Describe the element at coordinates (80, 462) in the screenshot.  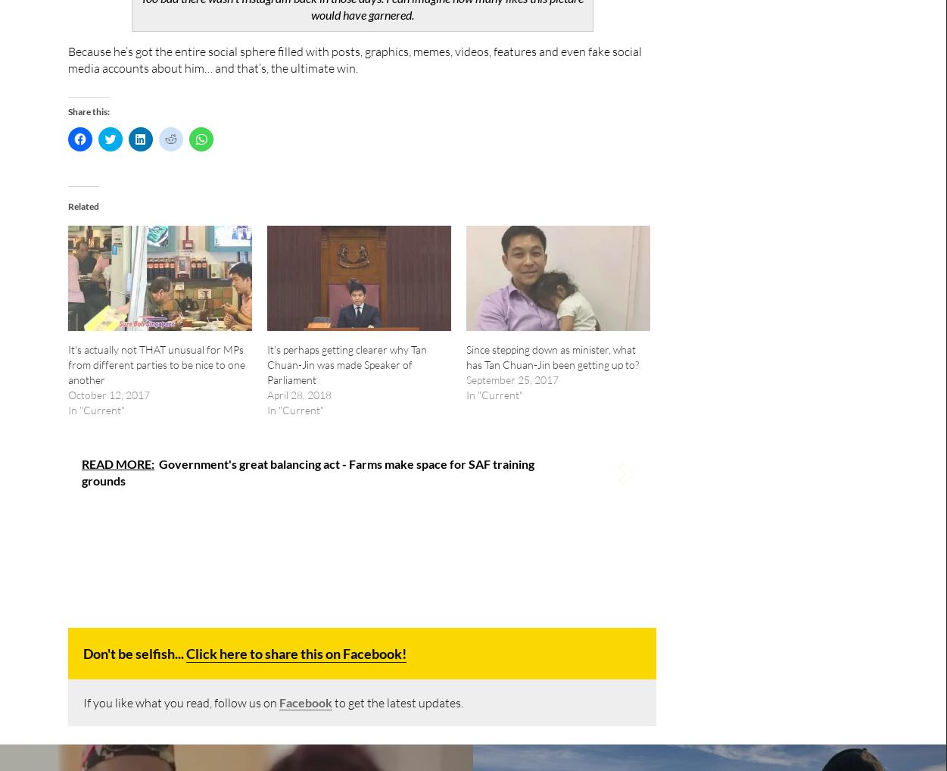
I see `'READ MORE:'` at that location.